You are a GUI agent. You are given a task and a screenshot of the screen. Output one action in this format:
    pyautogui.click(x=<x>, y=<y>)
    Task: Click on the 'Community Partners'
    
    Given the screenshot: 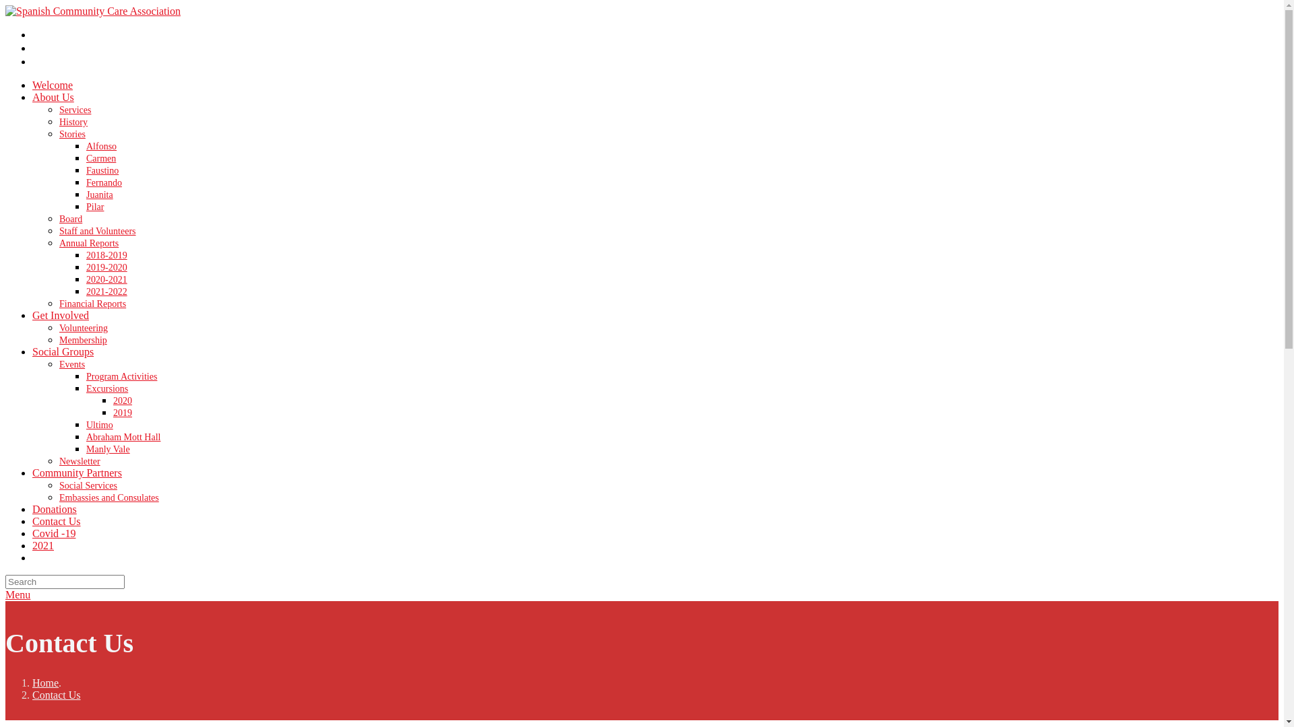 What is the action you would take?
    pyautogui.click(x=76, y=472)
    